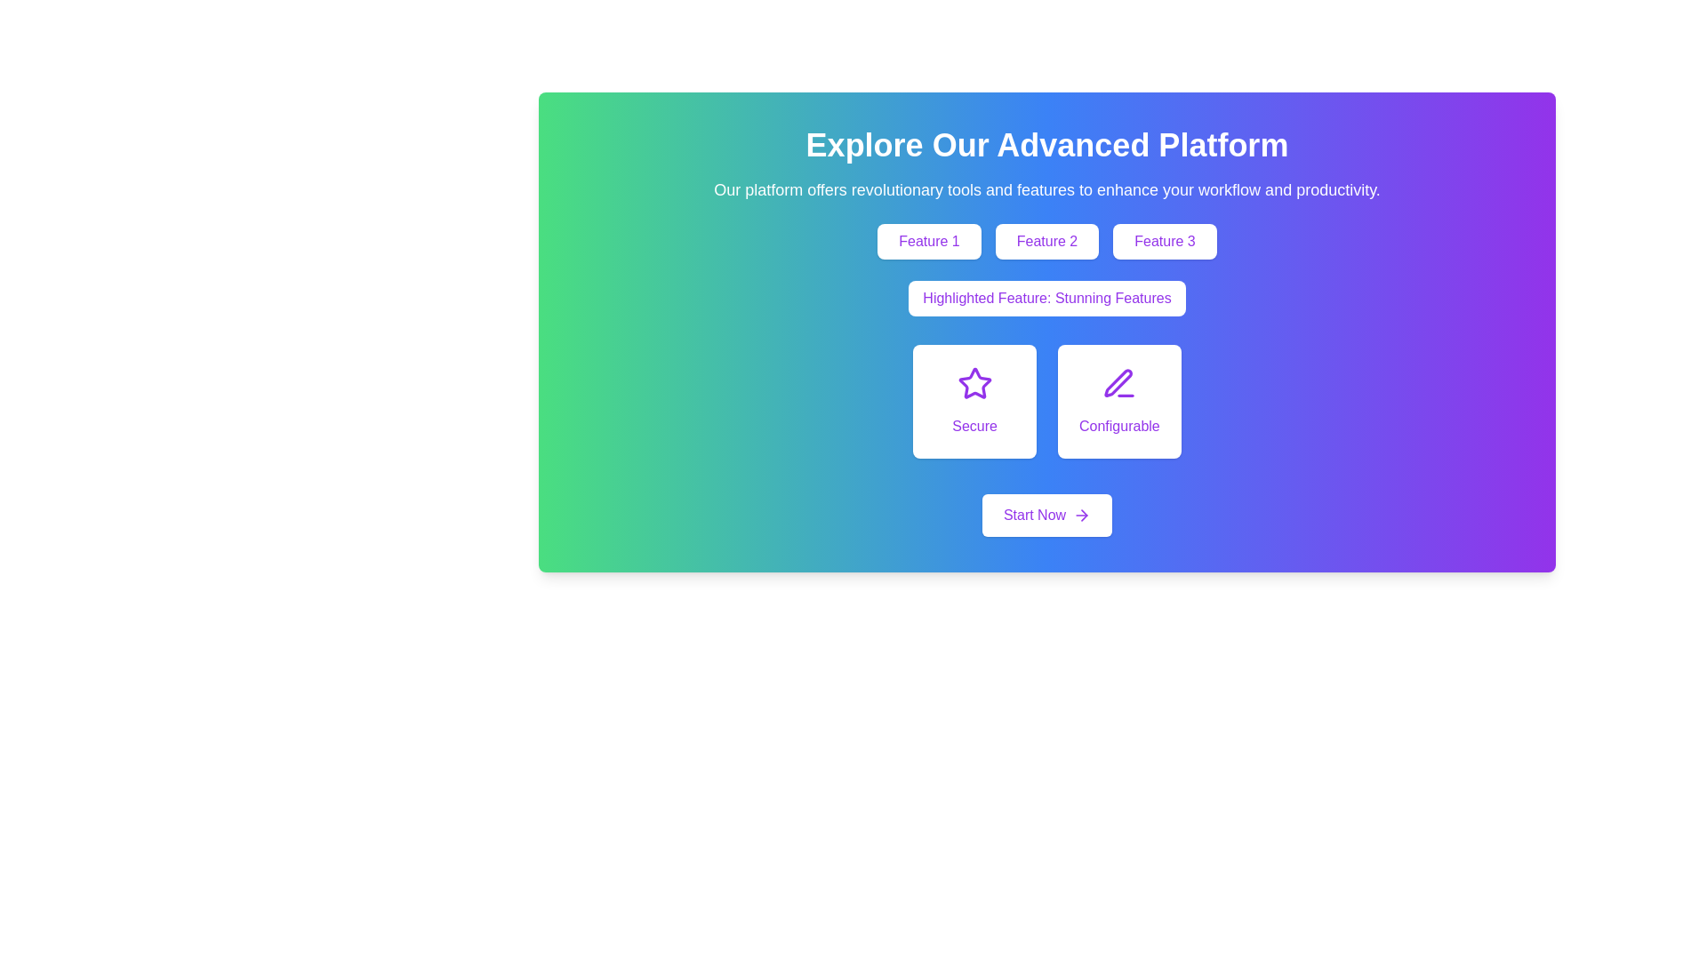  I want to click on the 'Feature 3' button, which is a rectangular button with rounded corners, labeled in purple text on a white background, to observe the hover effect, so click(1165, 242).